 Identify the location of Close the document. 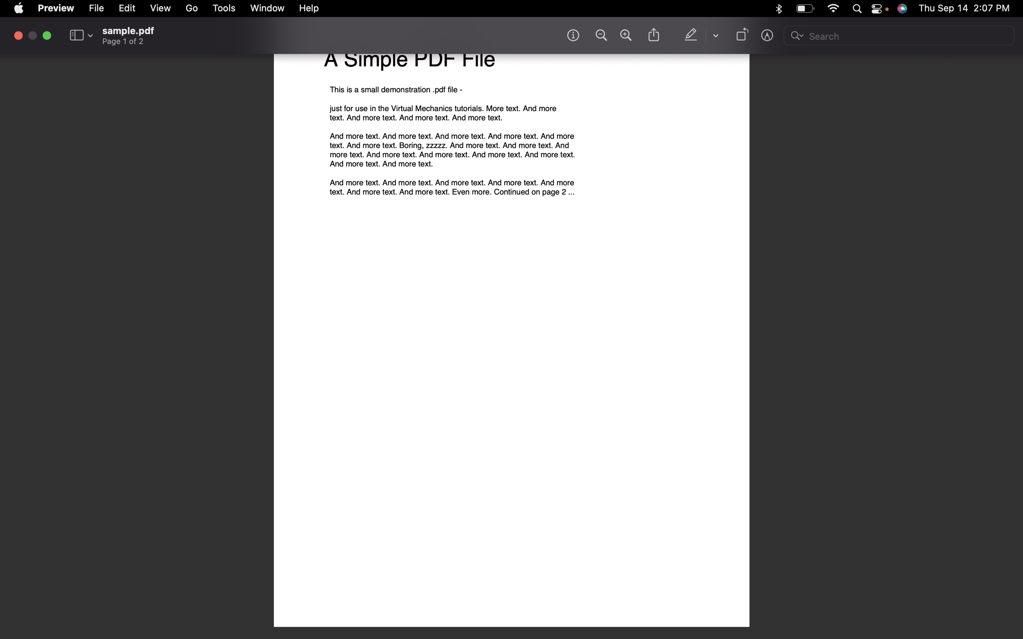
(18, 35).